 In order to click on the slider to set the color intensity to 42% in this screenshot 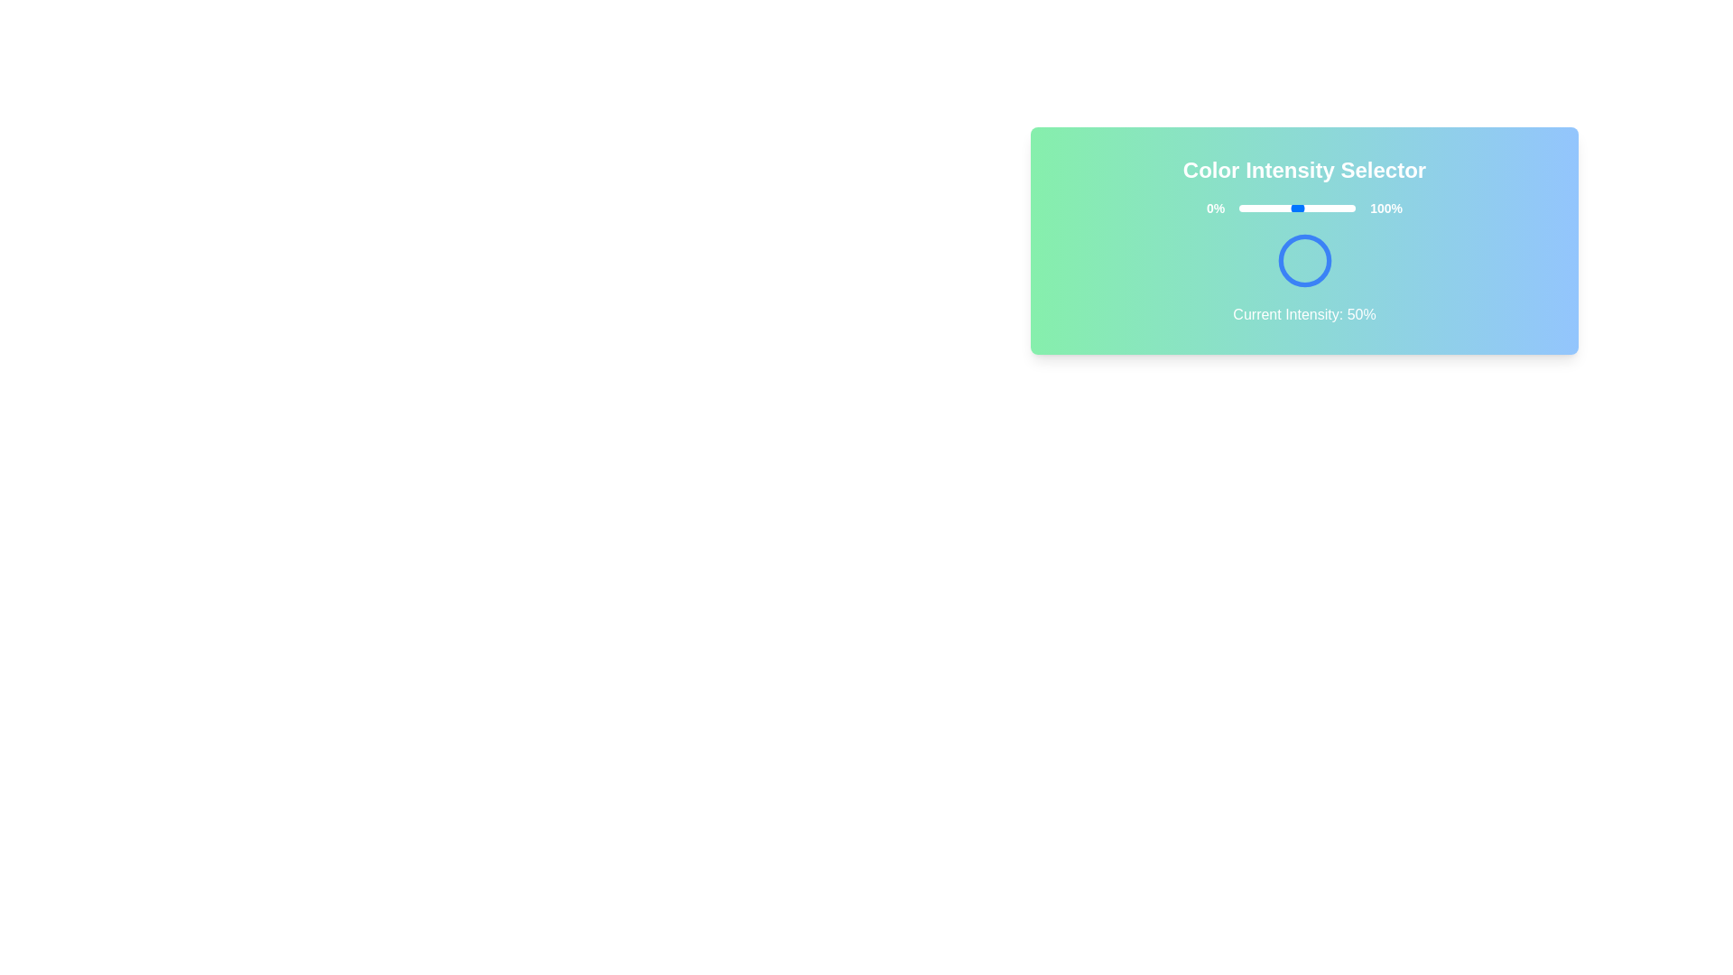, I will do `click(1287, 208)`.